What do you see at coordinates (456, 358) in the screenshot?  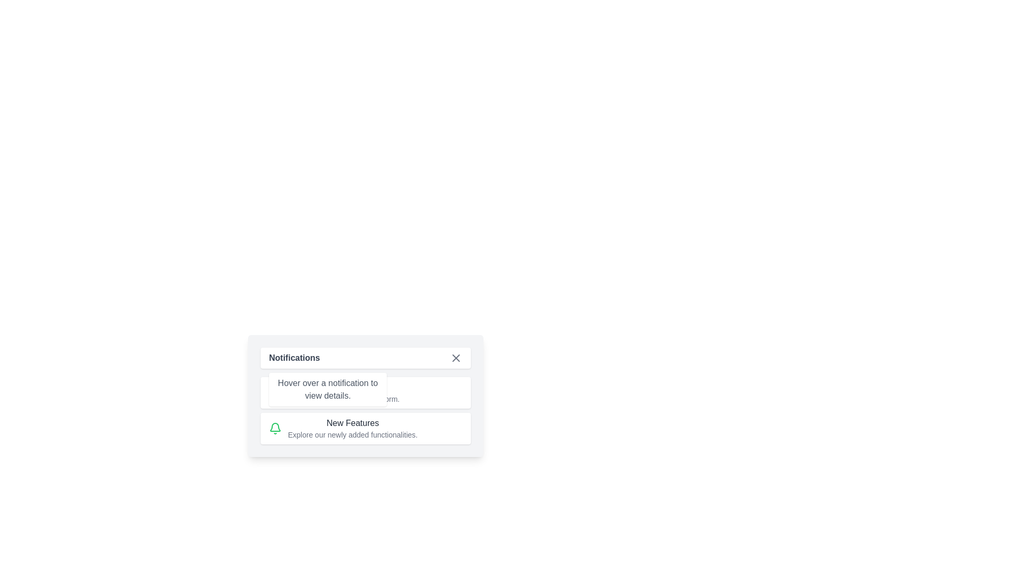 I see `the close button icon located in the top-right corner of the notification panel` at bounding box center [456, 358].